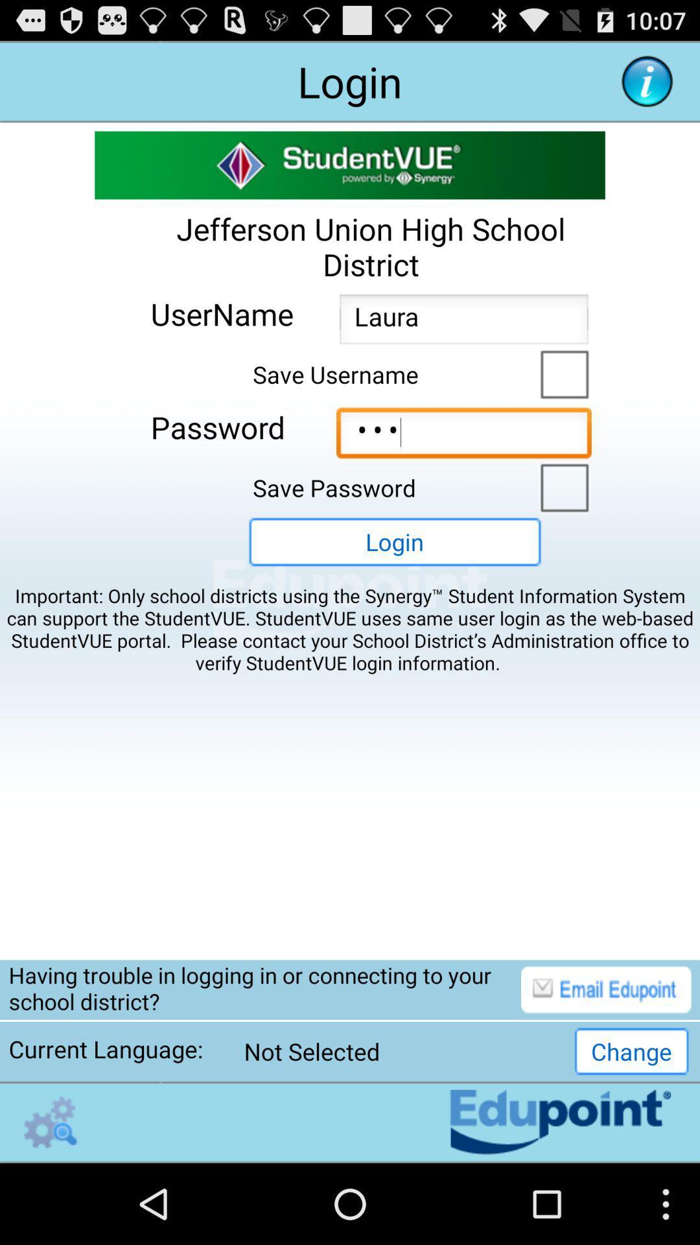 The height and width of the screenshot is (1245, 700). Describe the element at coordinates (561, 372) in the screenshot. I see `save` at that location.